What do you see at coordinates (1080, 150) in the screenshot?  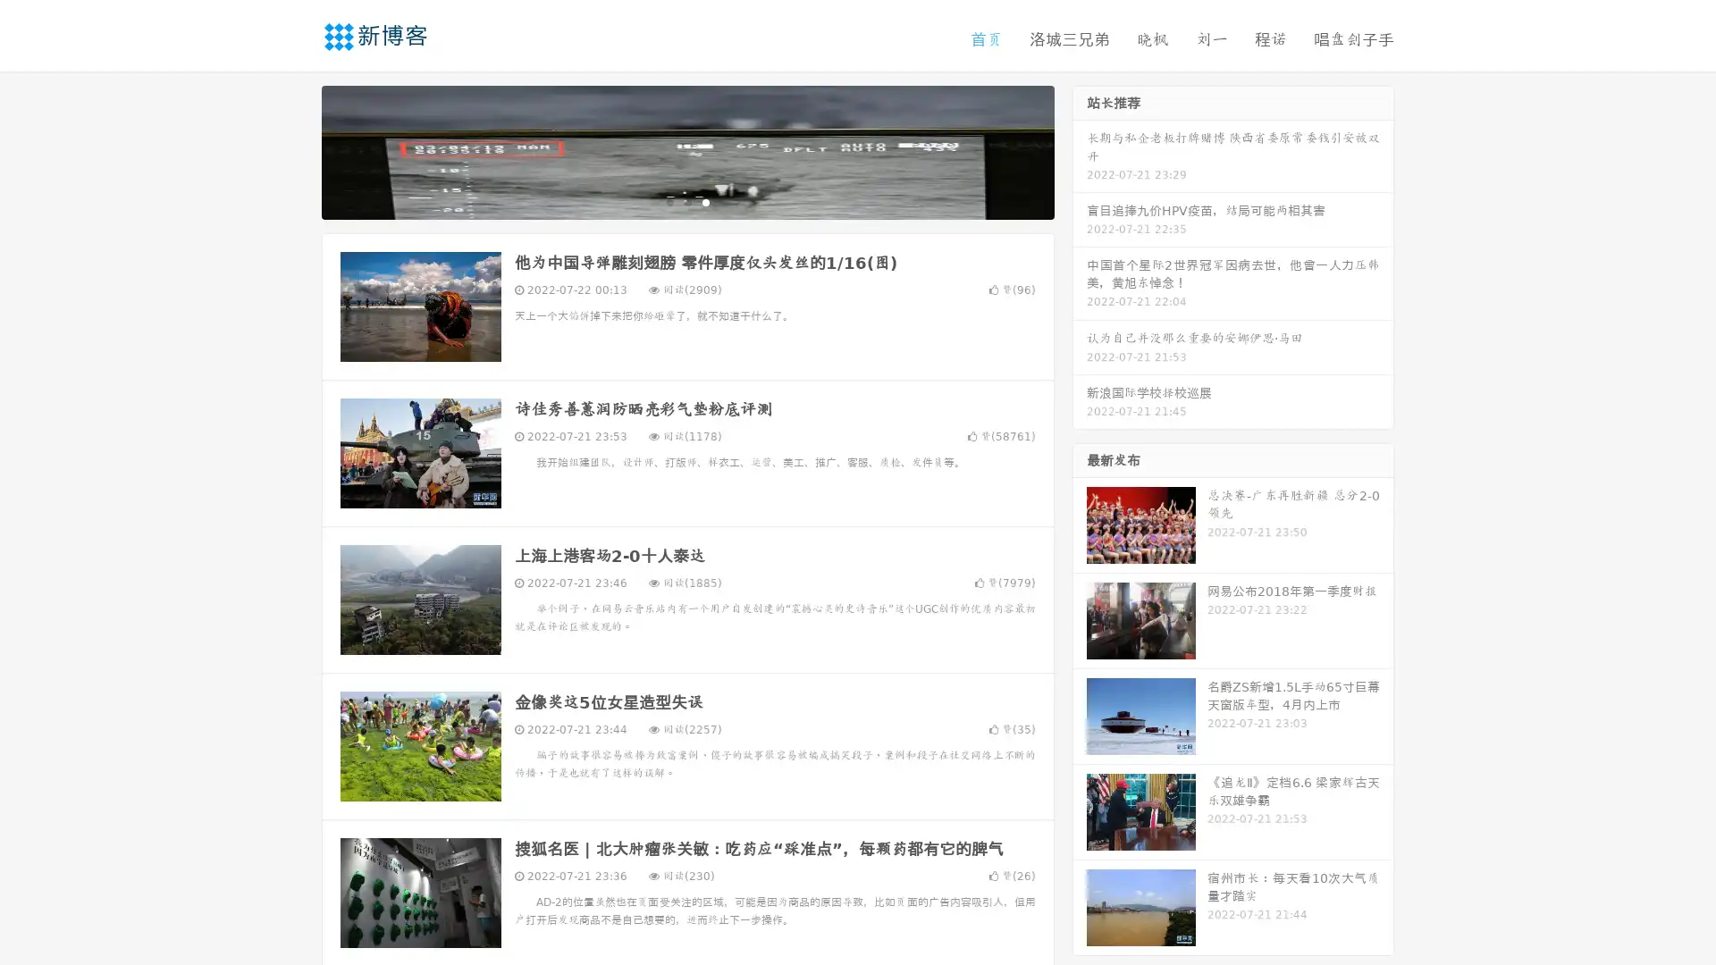 I see `Next slide` at bounding box center [1080, 150].